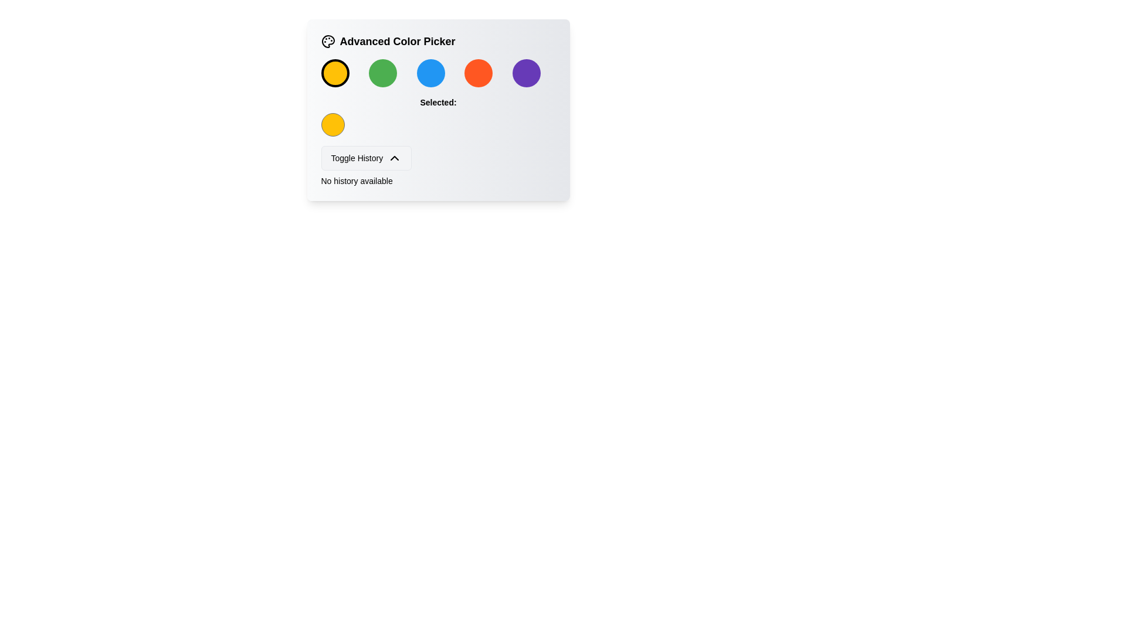 Image resolution: width=1126 pixels, height=633 pixels. I want to click on the circular purple button located on the far right side of the row within the 'Advanced Color Picker' layout, so click(525, 73).